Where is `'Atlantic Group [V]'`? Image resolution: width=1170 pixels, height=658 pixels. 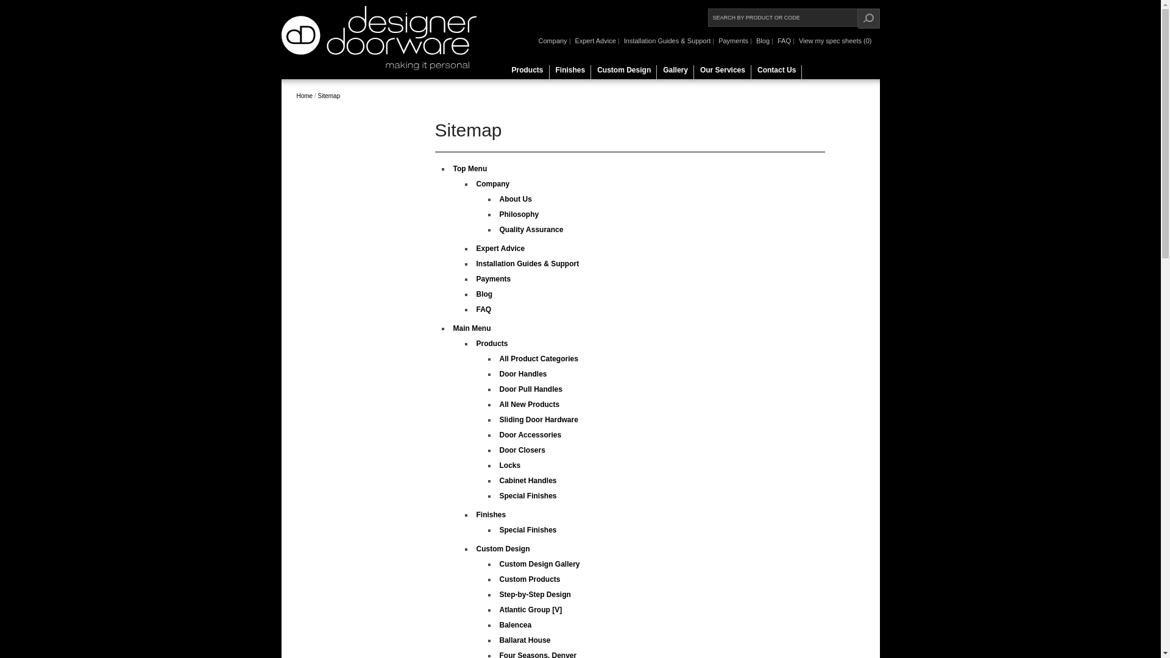 'Atlantic Group [V]' is located at coordinates (531, 610).